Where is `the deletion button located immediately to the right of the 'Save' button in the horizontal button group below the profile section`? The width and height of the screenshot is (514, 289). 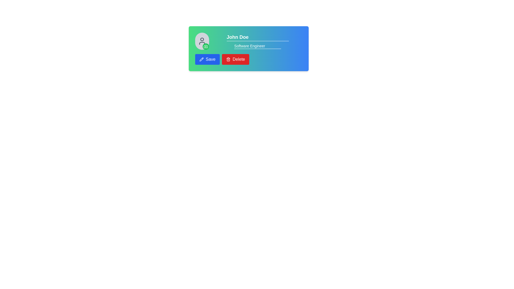
the deletion button located immediately to the right of the 'Save' button in the horizontal button group below the profile section is located at coordinates (236, 59).